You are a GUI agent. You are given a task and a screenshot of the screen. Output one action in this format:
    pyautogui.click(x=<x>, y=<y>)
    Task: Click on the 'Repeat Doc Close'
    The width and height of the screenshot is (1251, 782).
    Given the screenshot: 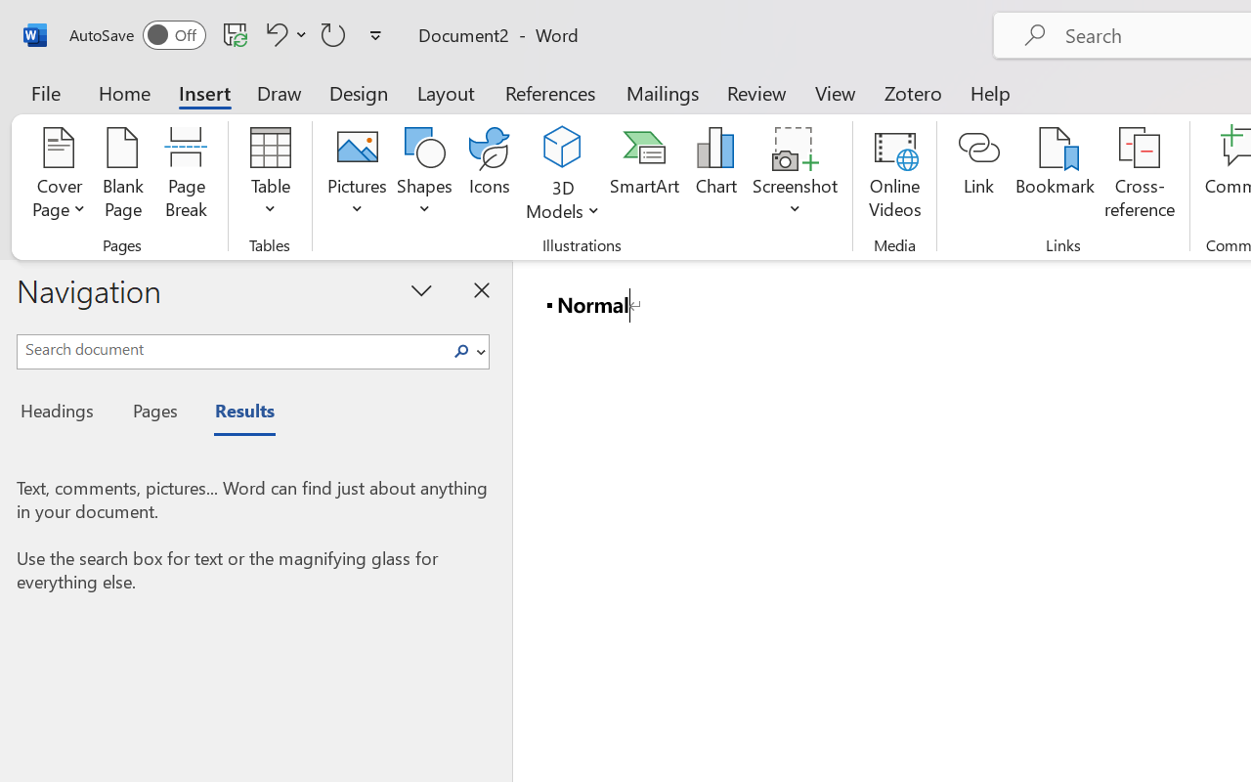 What is the action you would take?
    pyautogui.click(x=333, y=33)
    